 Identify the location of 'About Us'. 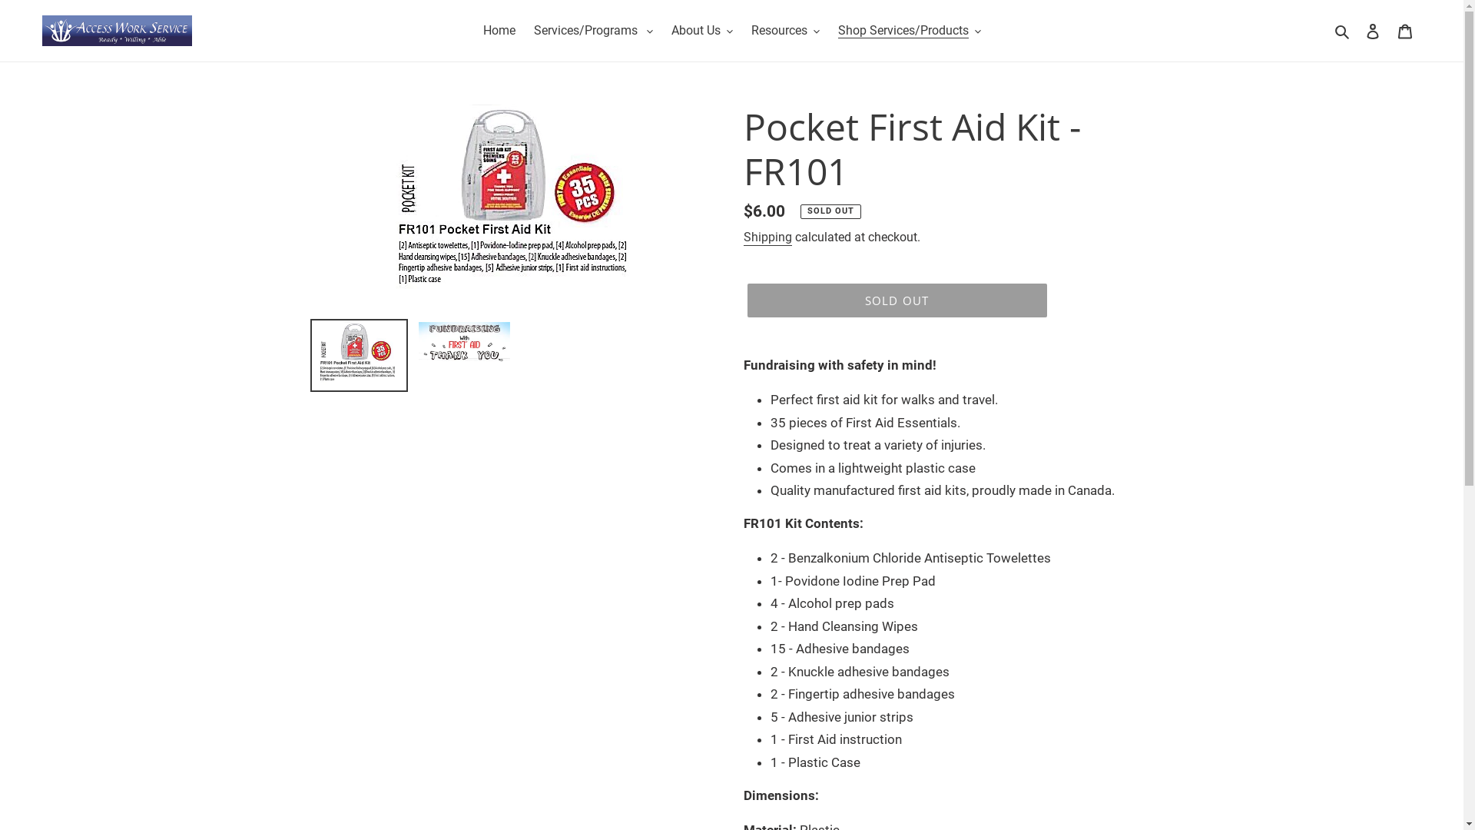
(701, 30).